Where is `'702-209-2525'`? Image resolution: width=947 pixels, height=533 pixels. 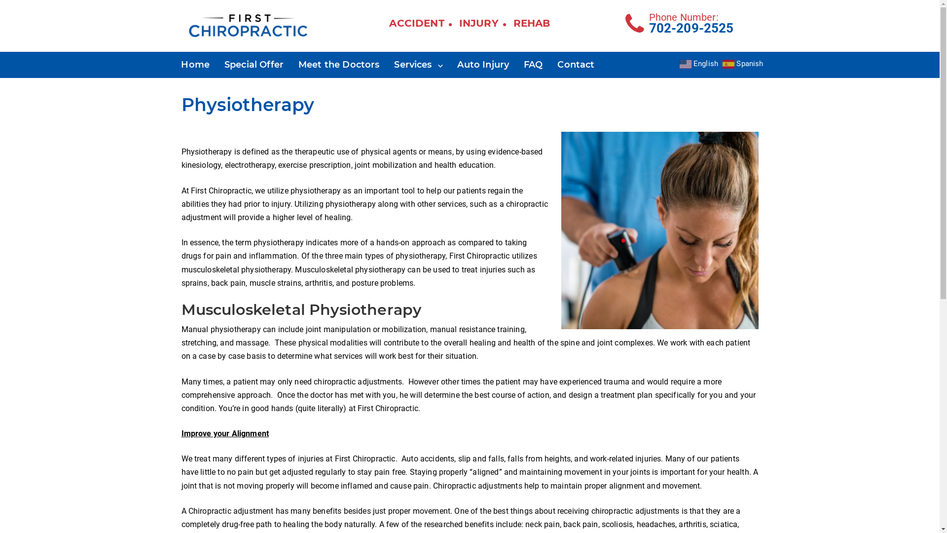 '702-209-2525' is located at coordinates (691, 28).